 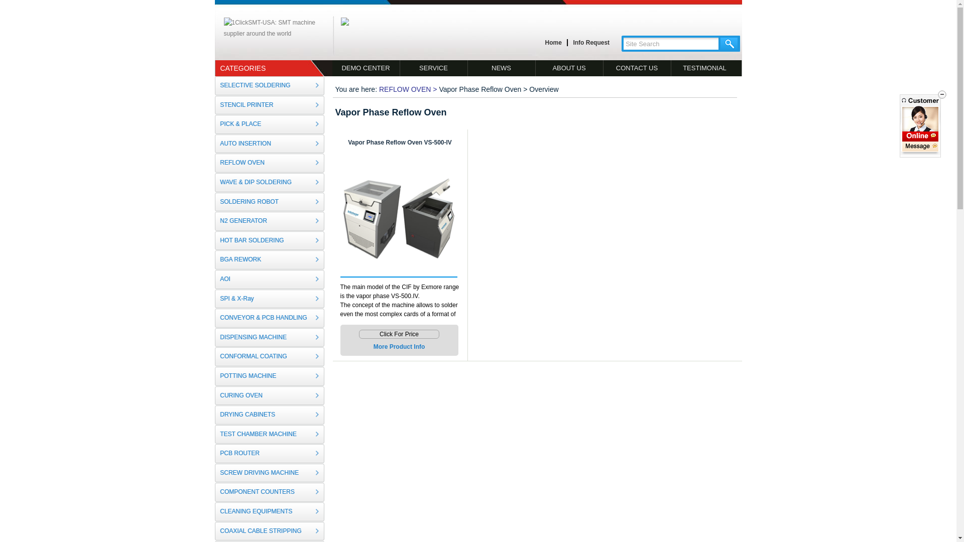 I want to click on 'DEMO CENTER', so click(x=366, y=68).